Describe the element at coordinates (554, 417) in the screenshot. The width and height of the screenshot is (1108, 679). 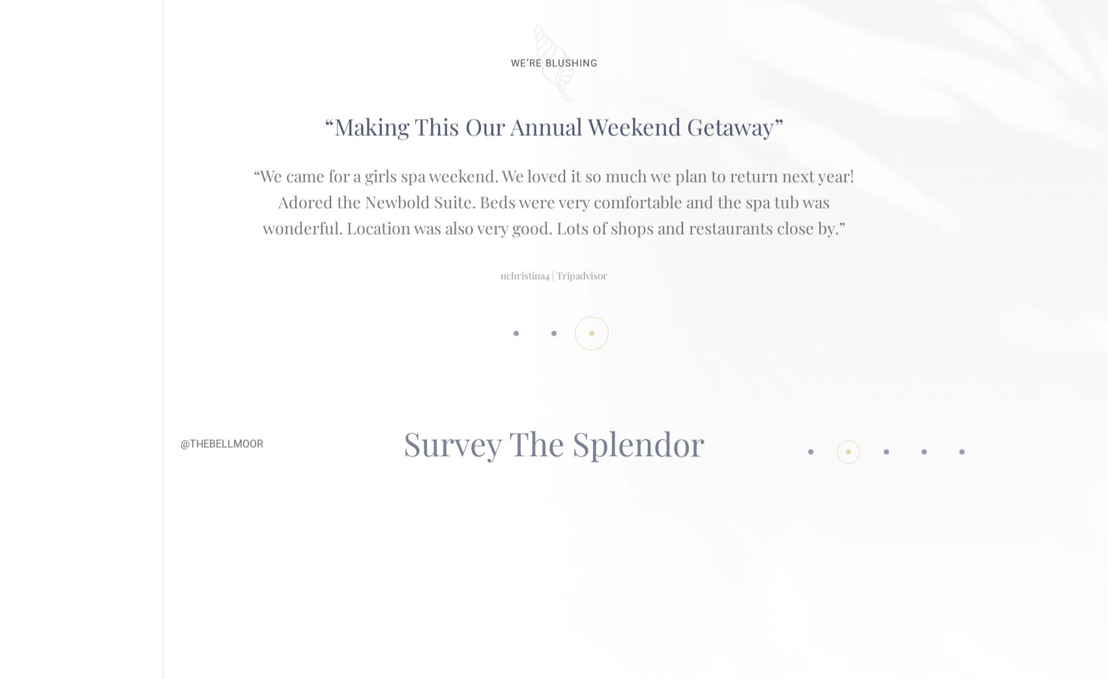
I see `'Survey The Splendor'` at that location.